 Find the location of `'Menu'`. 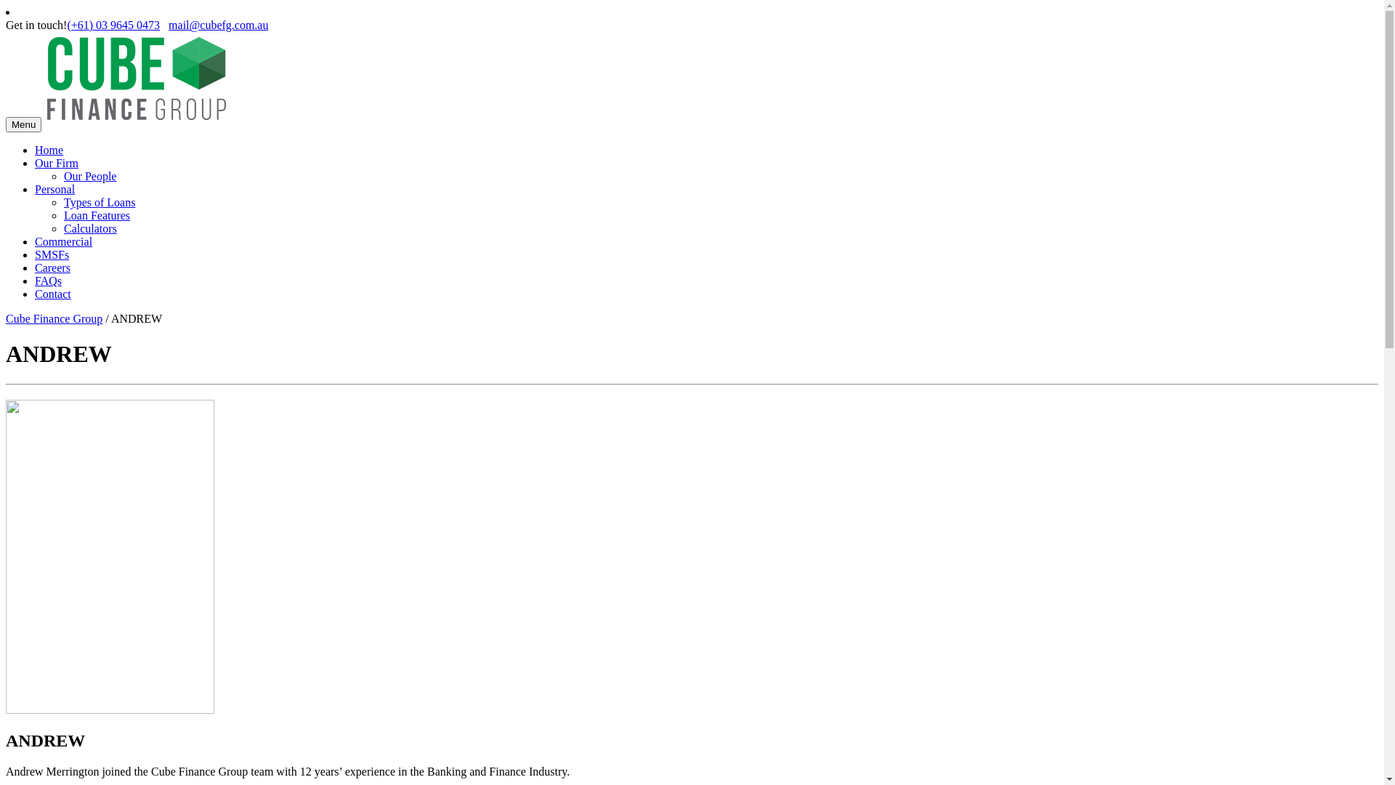

'Menu' is located at coordinates (23, 124).